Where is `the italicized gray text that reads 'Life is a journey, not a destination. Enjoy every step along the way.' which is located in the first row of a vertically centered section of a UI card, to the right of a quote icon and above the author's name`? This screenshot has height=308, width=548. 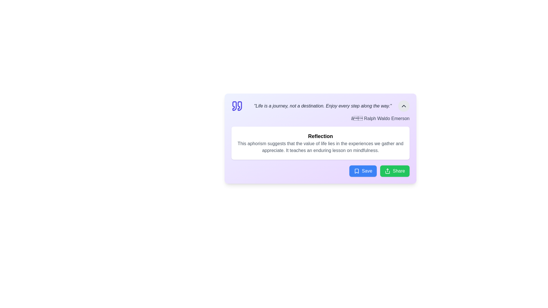
the italicized gray text that reads 'Life is a journey, not a destination. Enjoy every step along the way.' which is located in the first row of a vertically centered section of a UI card, to the right of a quote icon and above the author's name is located at coordinates (323, 106).